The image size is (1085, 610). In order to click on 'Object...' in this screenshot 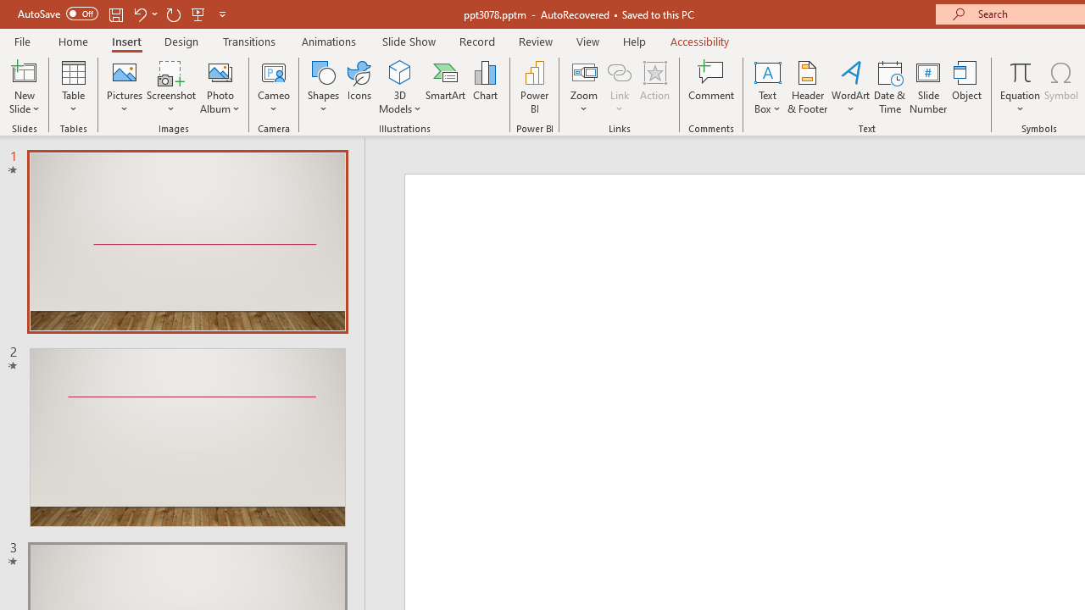, I will do `click(967, 87)`.